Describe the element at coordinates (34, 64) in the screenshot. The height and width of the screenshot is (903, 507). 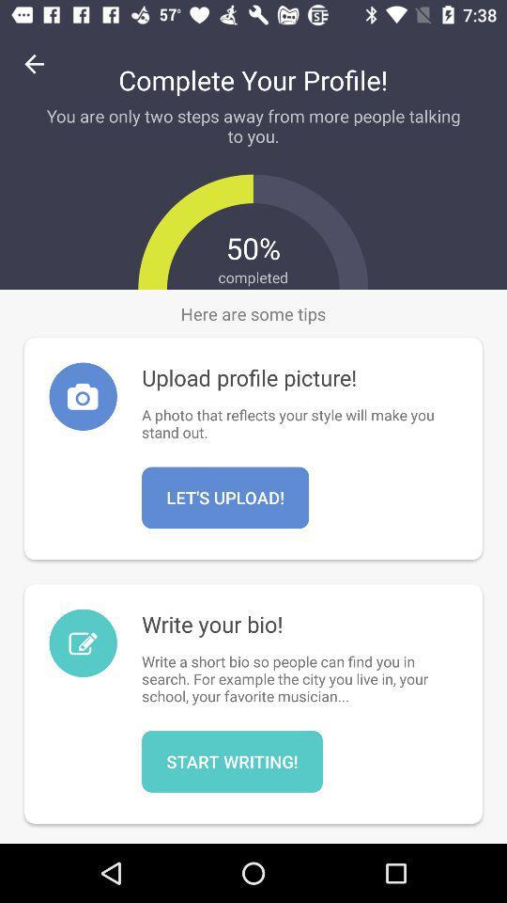
I see `icon at the top left corner` at that location.